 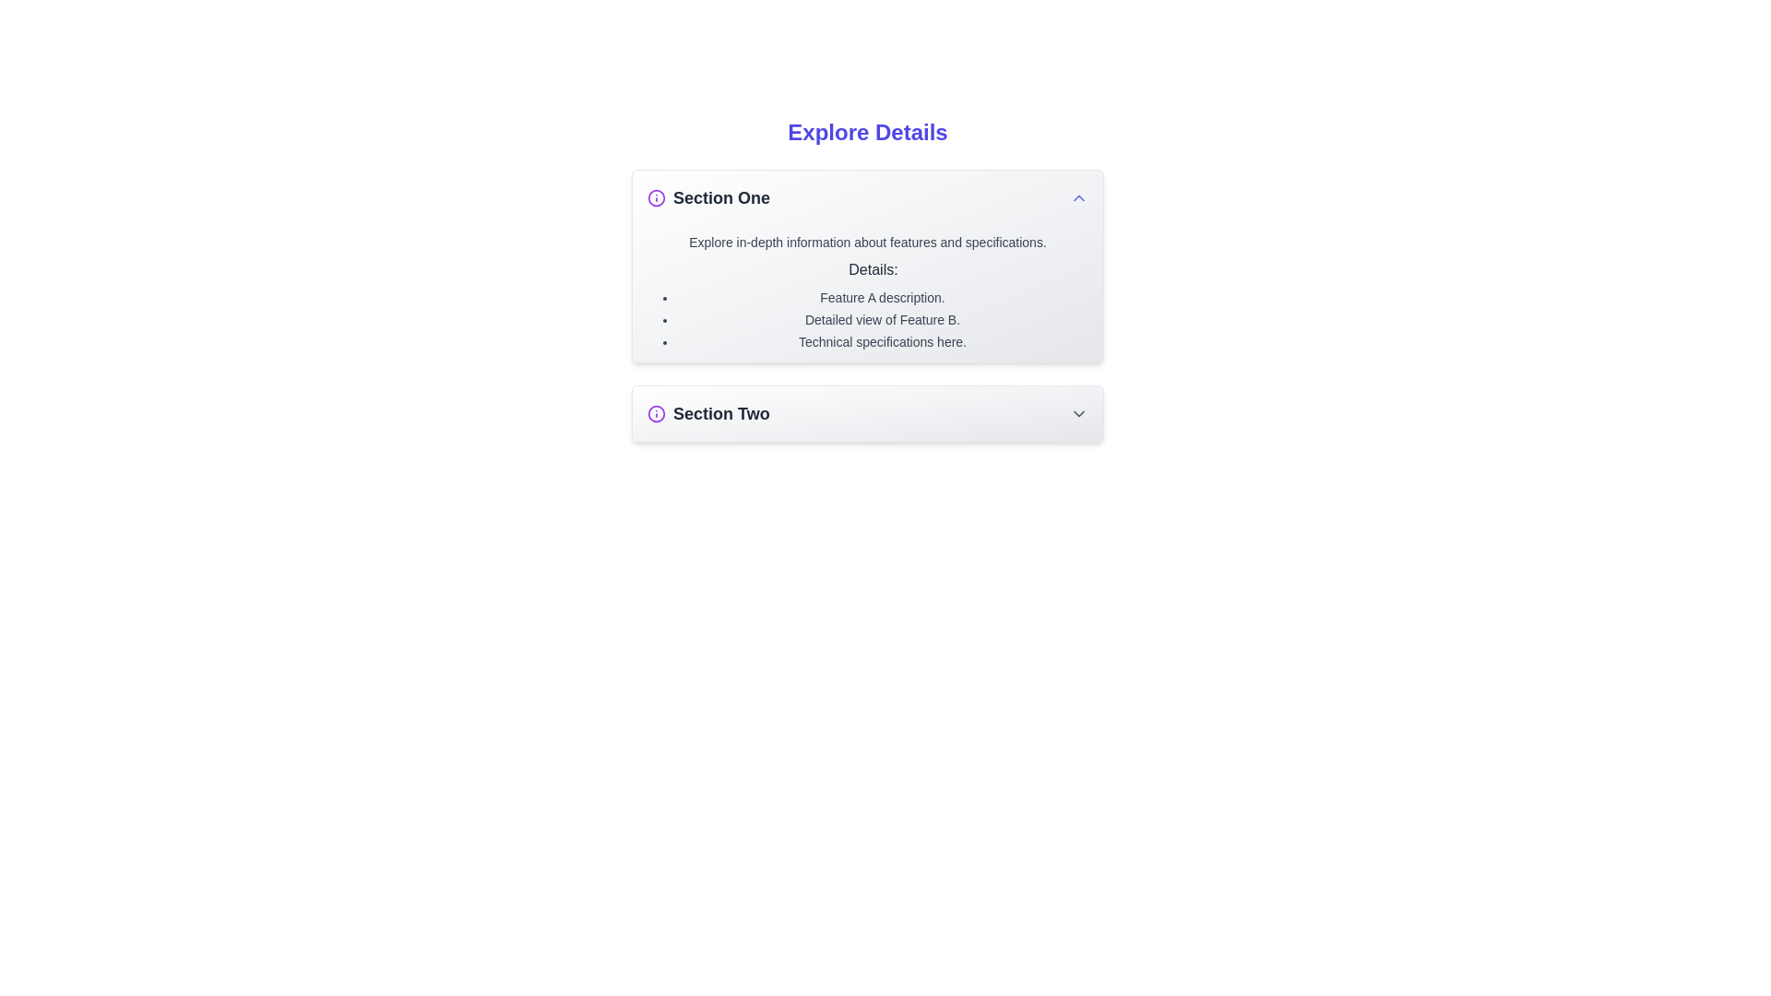 I want to click on the text item stating 'Detailed view of Feature B.' which is the second item in a bulleted list within the 'Section One' details panel, so click(x=881, y=320).